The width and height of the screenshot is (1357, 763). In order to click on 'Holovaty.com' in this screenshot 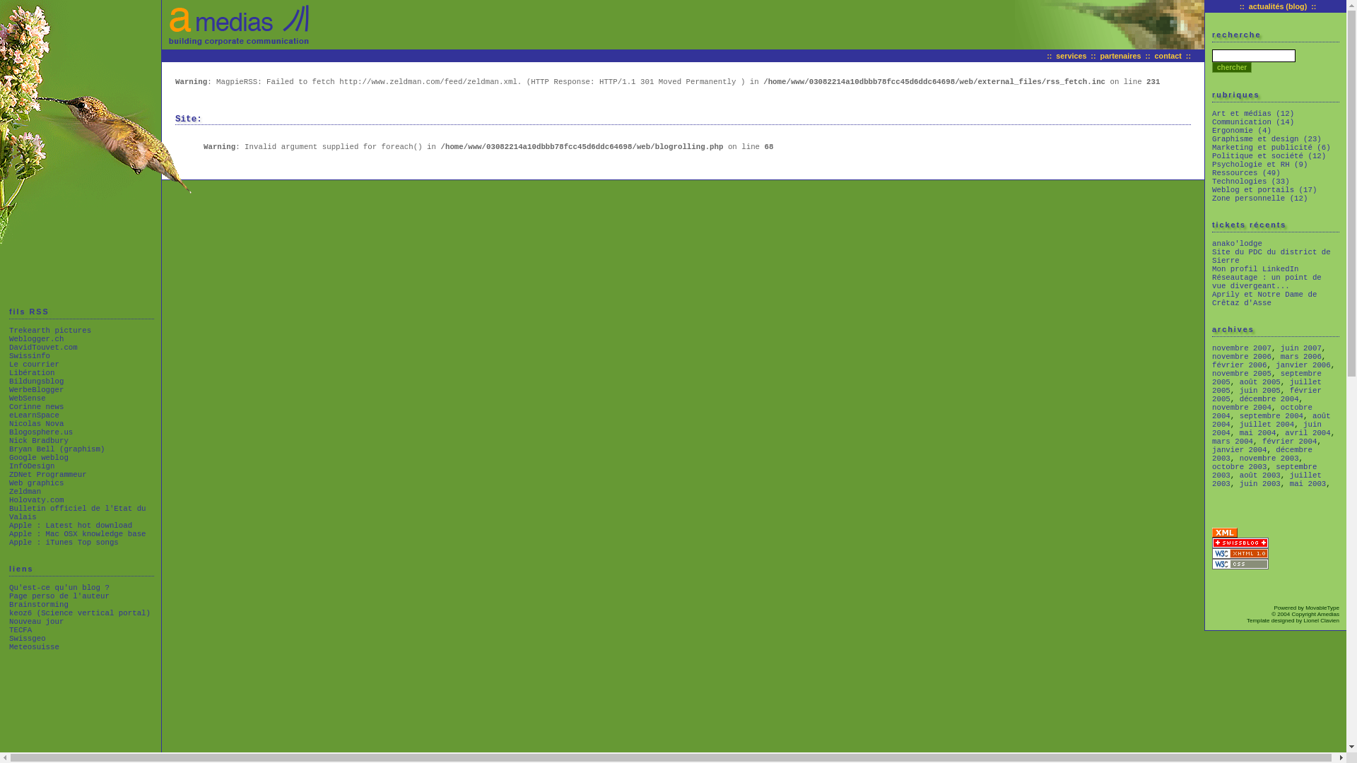, I will do `click(36, 499)`.